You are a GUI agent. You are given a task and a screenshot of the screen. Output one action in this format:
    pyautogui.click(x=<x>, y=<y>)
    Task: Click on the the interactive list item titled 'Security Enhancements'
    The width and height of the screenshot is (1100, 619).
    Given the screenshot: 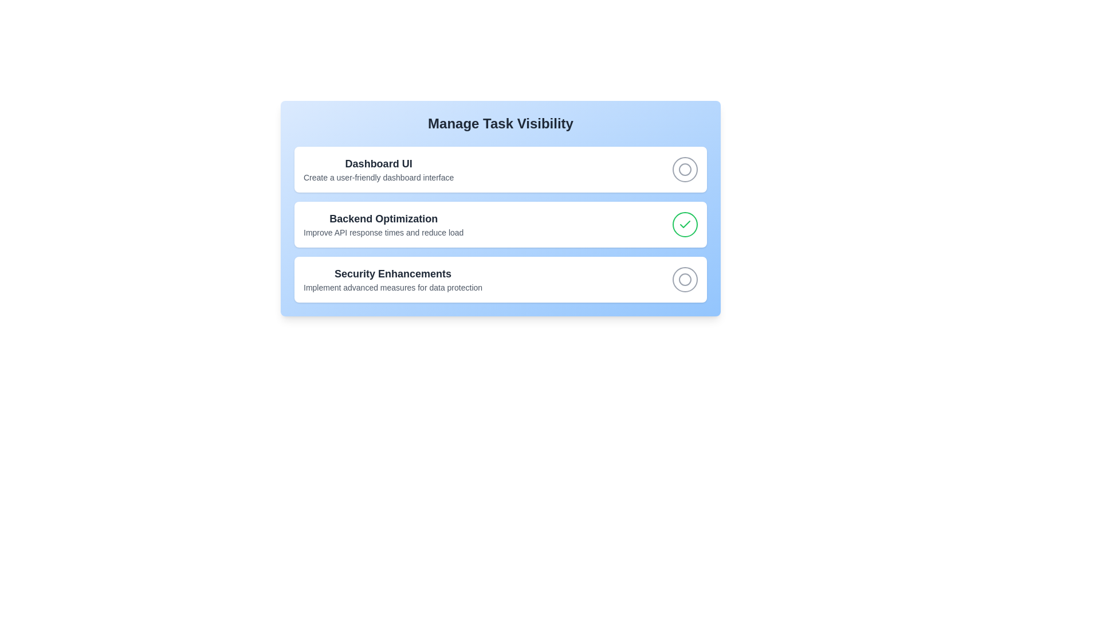 What is the action you would take?
    pyautogui.click(x=500, y=280)
    